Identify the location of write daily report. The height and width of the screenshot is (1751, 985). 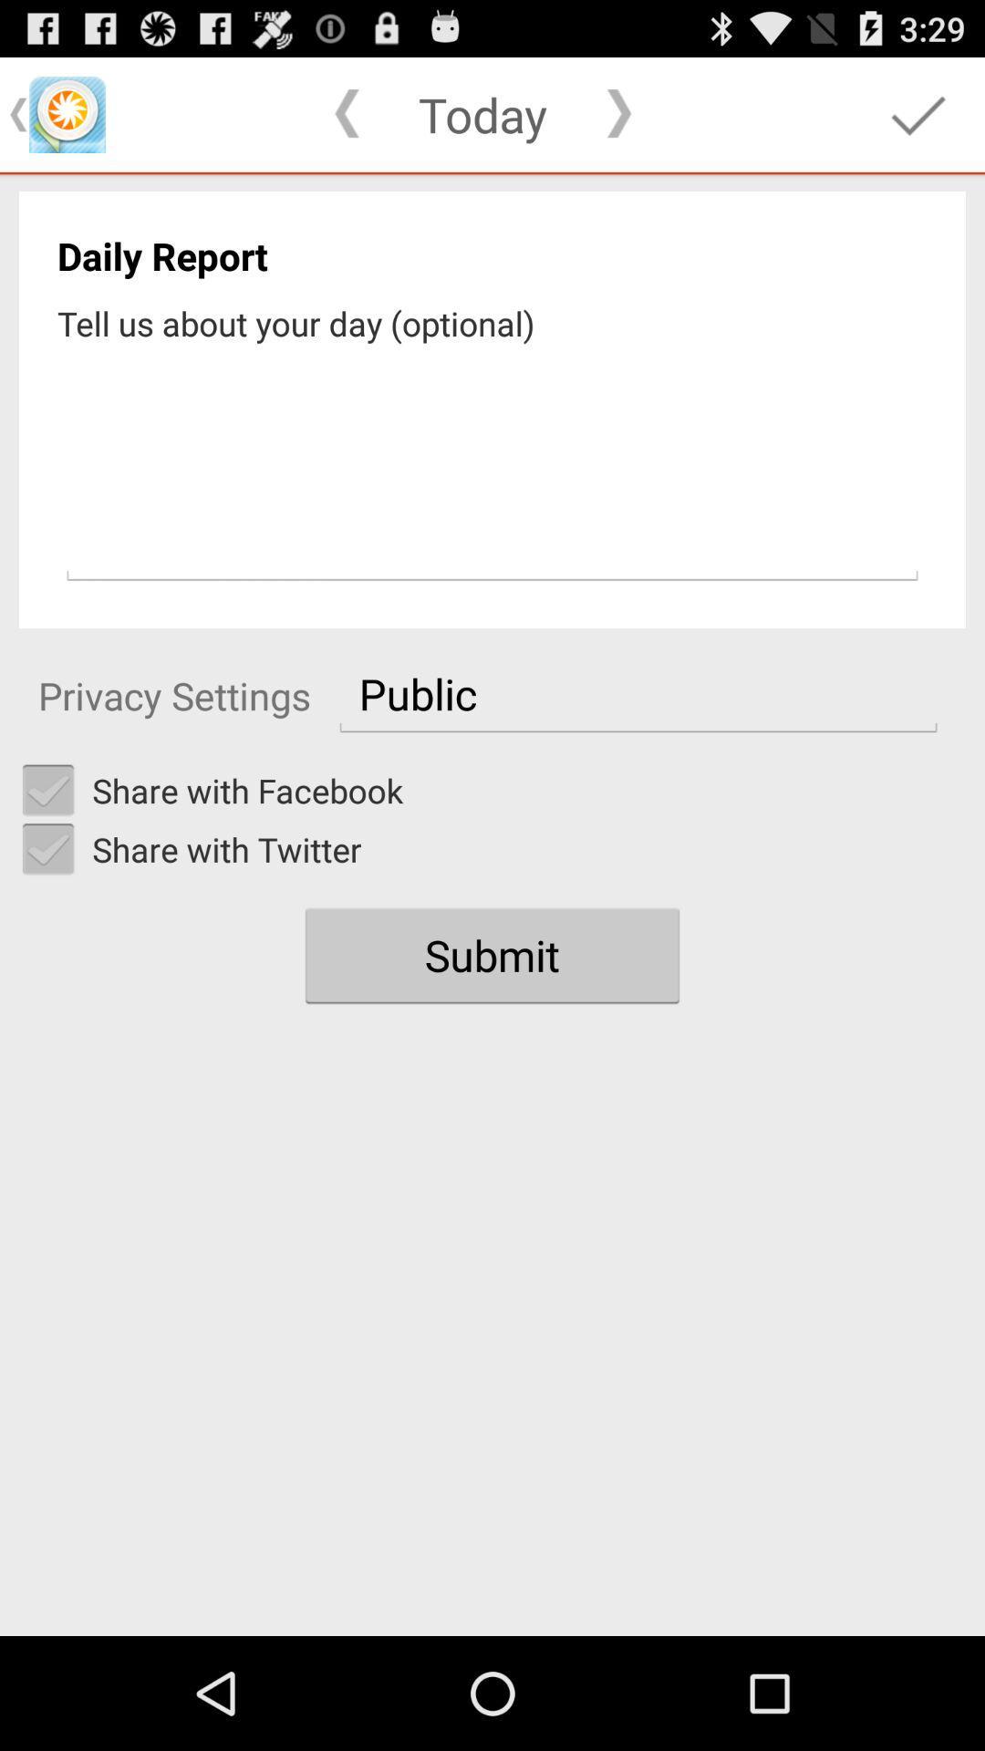
(493, 468).